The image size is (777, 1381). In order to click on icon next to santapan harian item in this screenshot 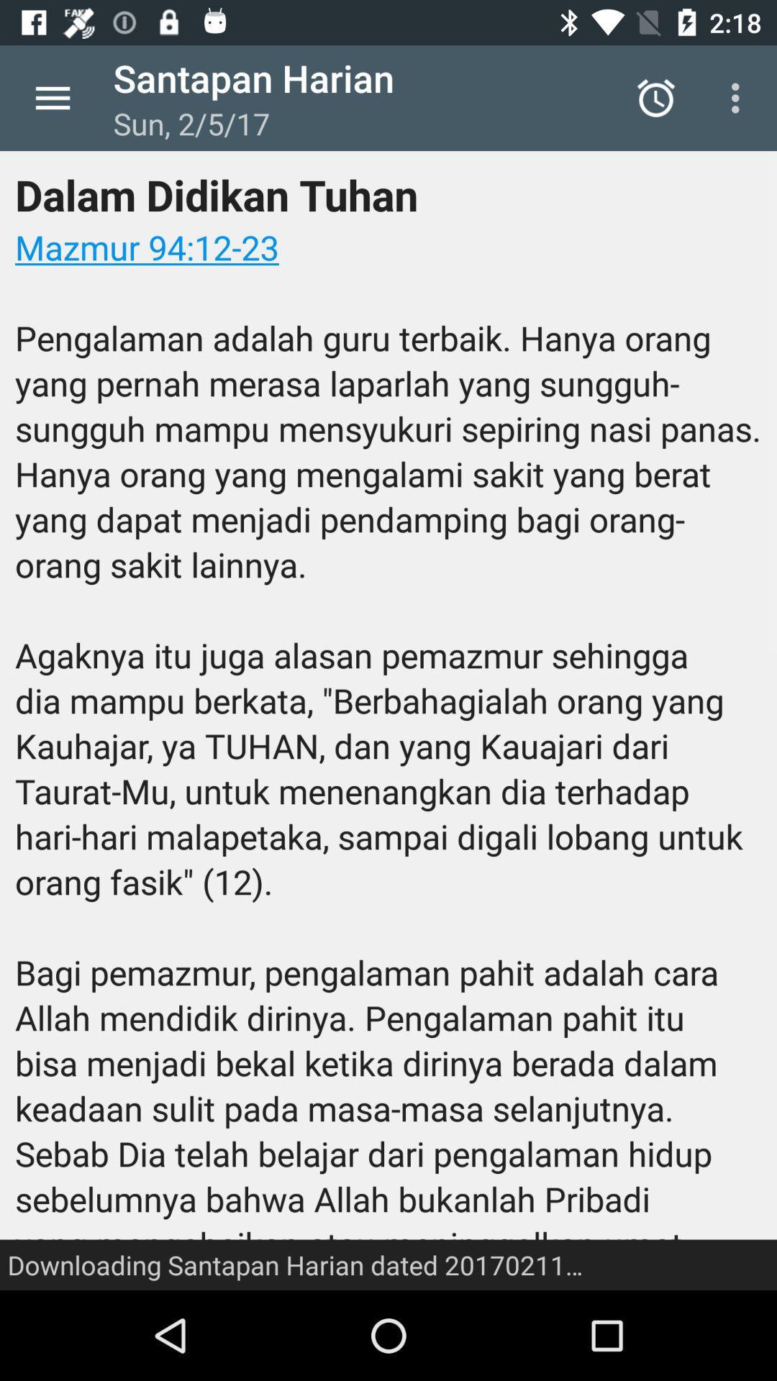, I will do `click(52, 97)`.